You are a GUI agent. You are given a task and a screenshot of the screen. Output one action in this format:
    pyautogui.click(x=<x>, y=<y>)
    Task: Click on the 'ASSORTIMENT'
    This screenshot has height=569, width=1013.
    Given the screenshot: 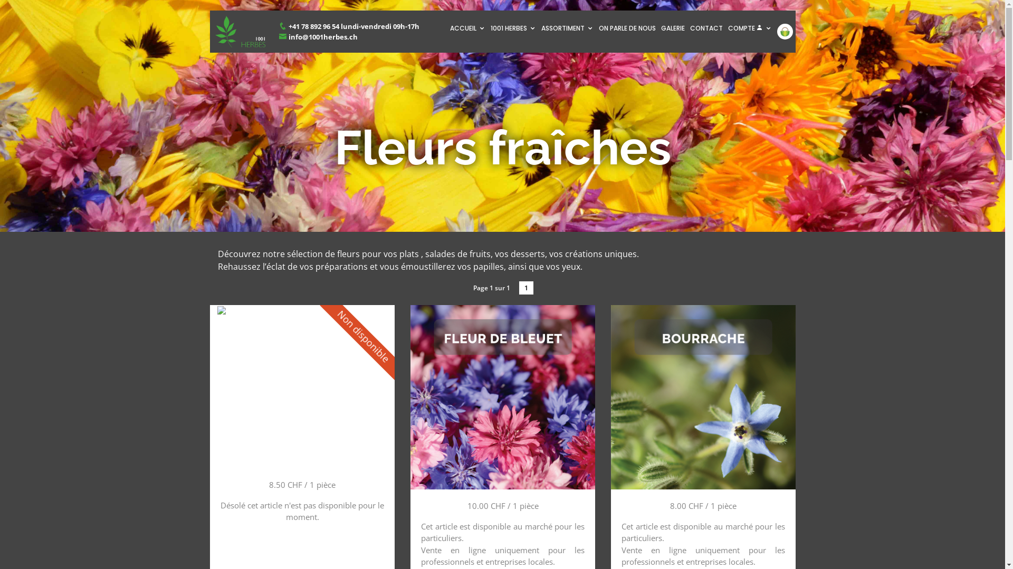 What is the action you would take?
    pyautogui.click(x=566, y=28)
    